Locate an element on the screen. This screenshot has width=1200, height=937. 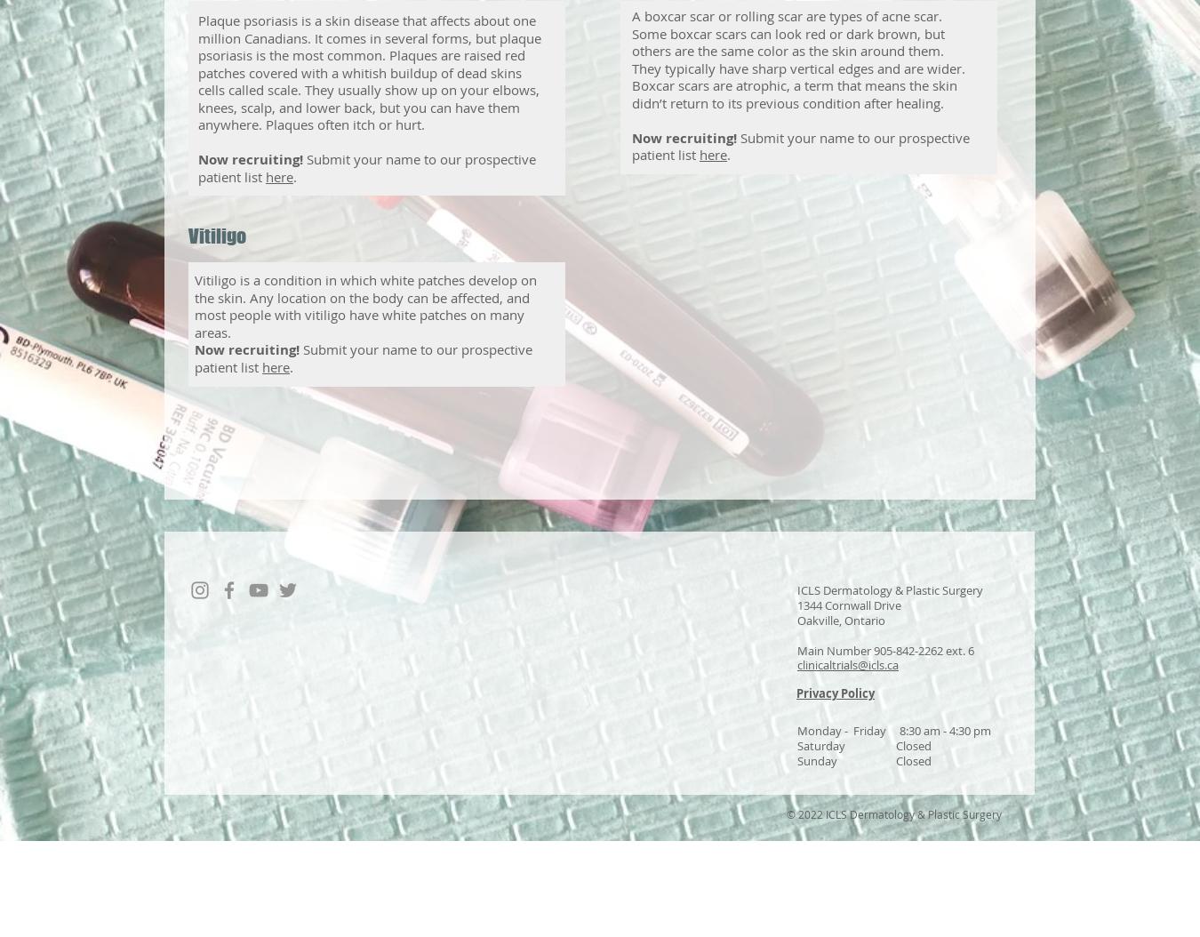
'Sunday                      Closed' is located at coordinates (863, 760).